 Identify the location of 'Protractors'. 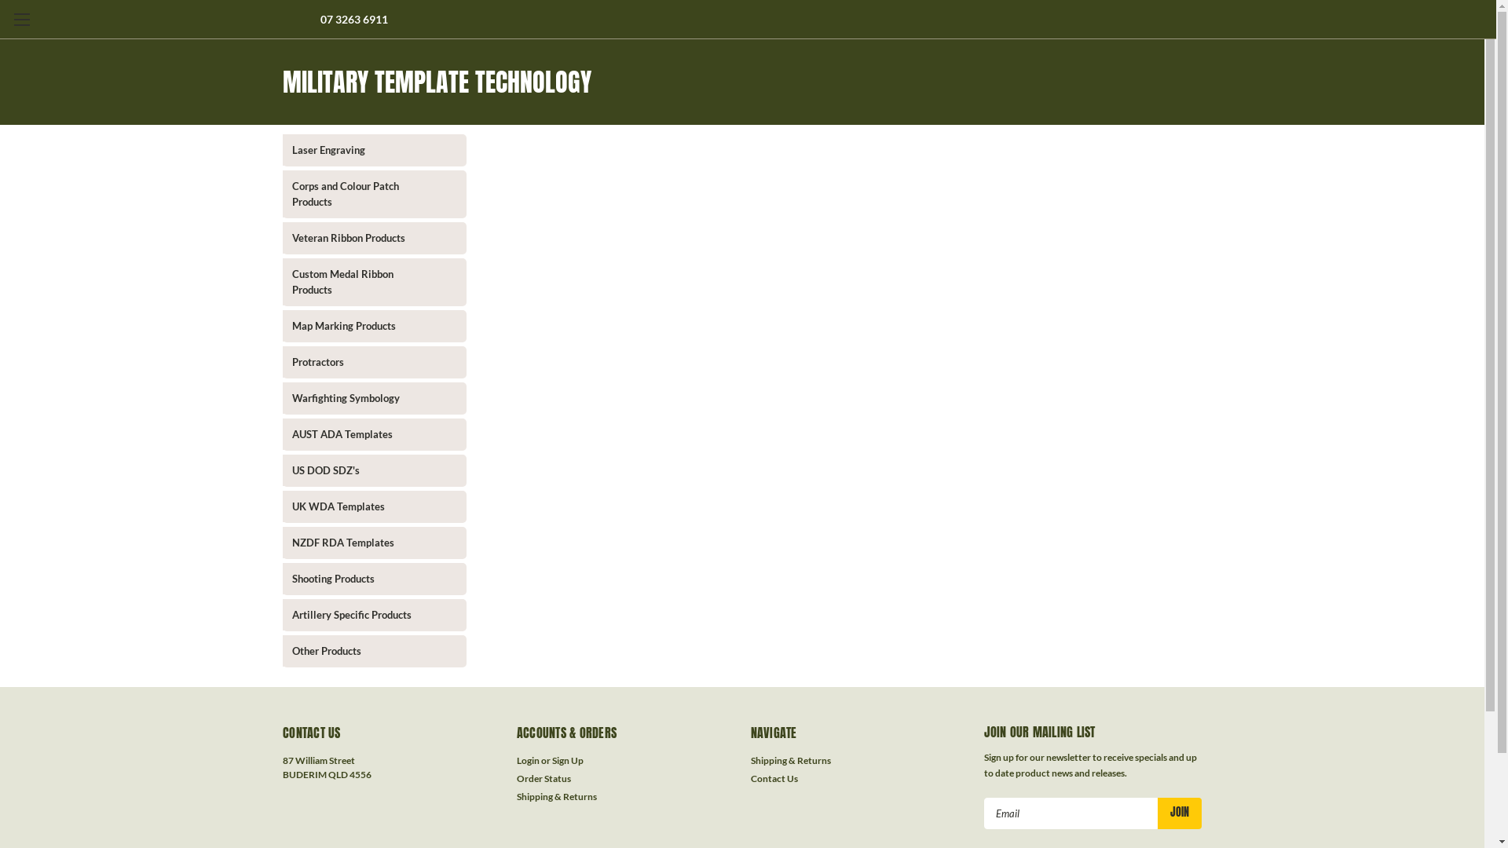
(360, 362).